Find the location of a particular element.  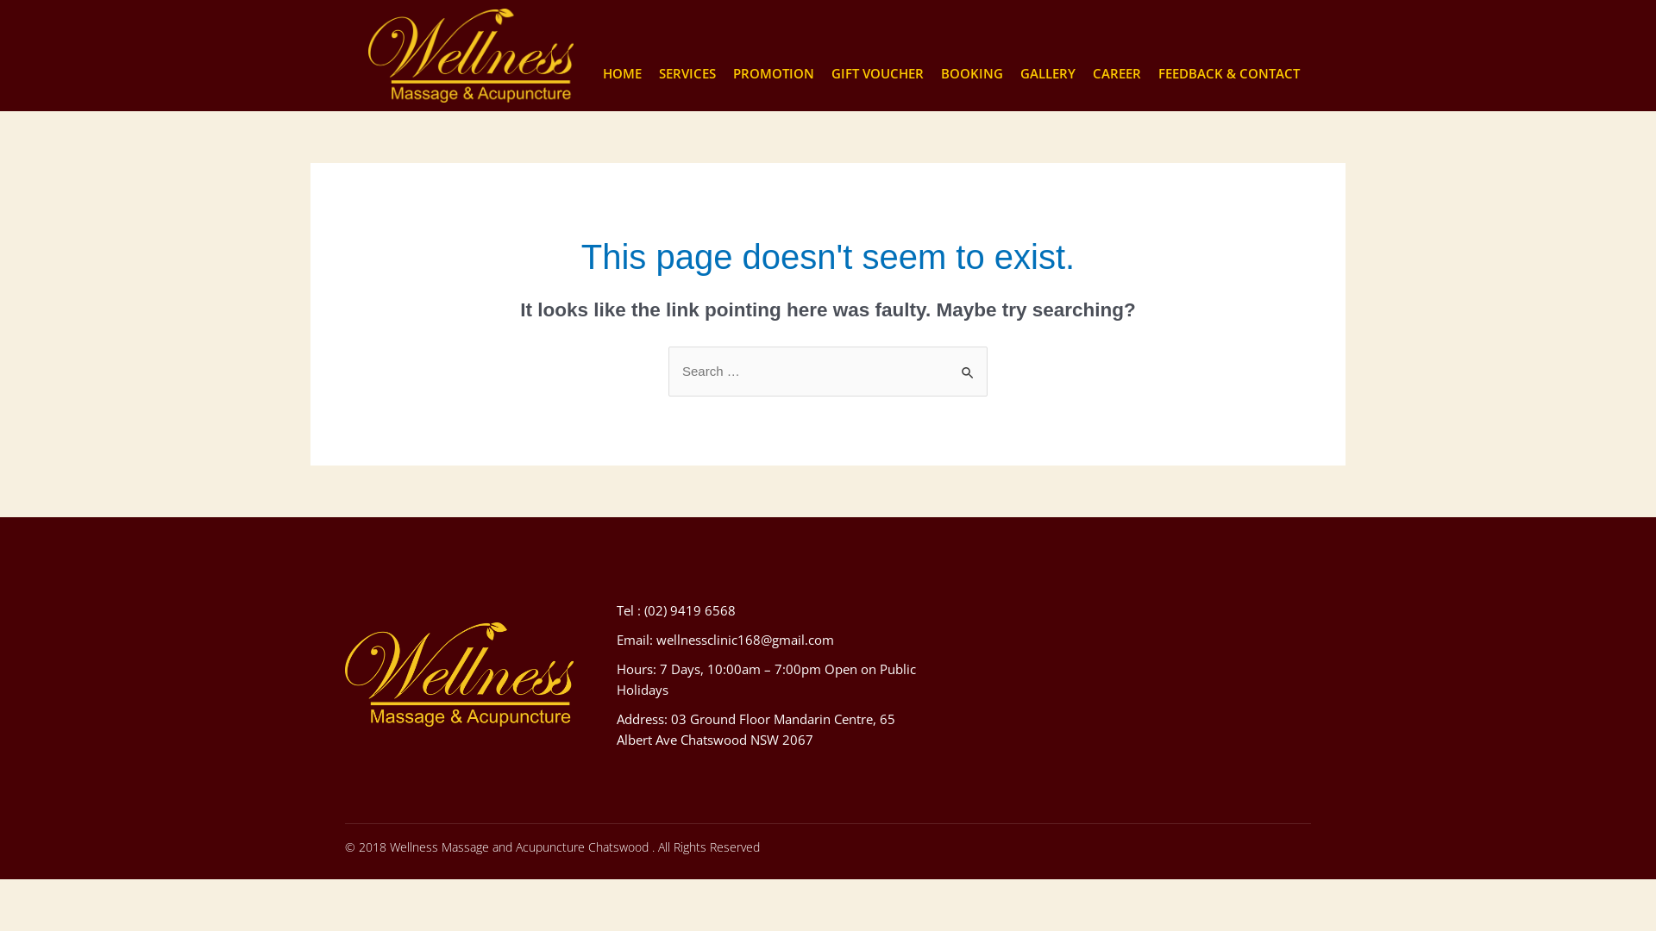

'Search' is located at coordinates (968, 363).